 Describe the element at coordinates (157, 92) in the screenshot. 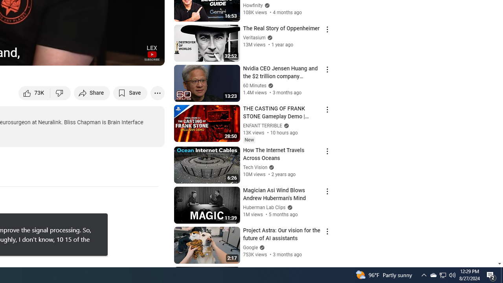

I see `'More actions'` at that location.